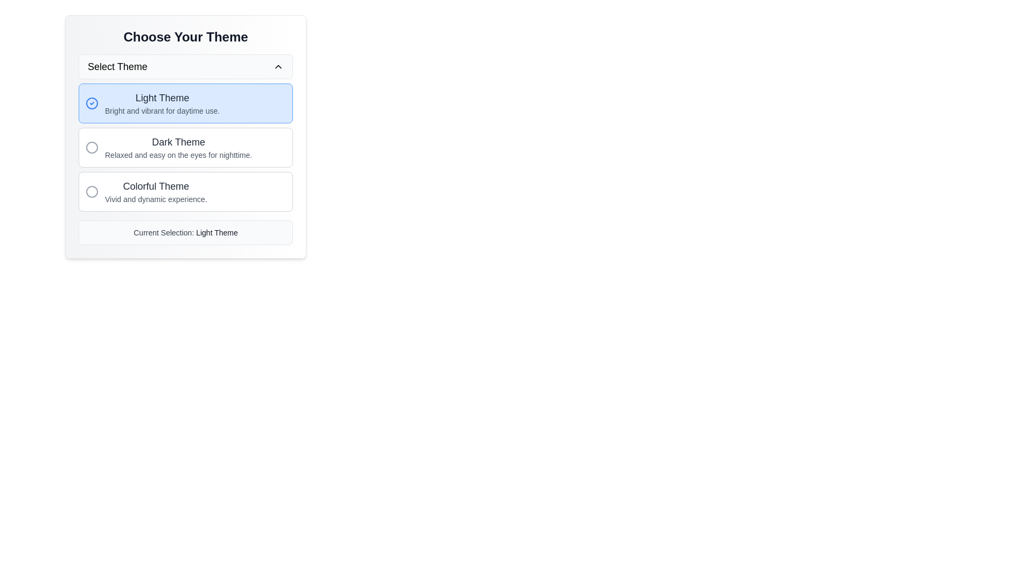  What do you see at coordinates (186, 147) in the screenshot?
I see `the 'Dark Theme' selection option with the unselected radio button` at bounding box center [186, 147].